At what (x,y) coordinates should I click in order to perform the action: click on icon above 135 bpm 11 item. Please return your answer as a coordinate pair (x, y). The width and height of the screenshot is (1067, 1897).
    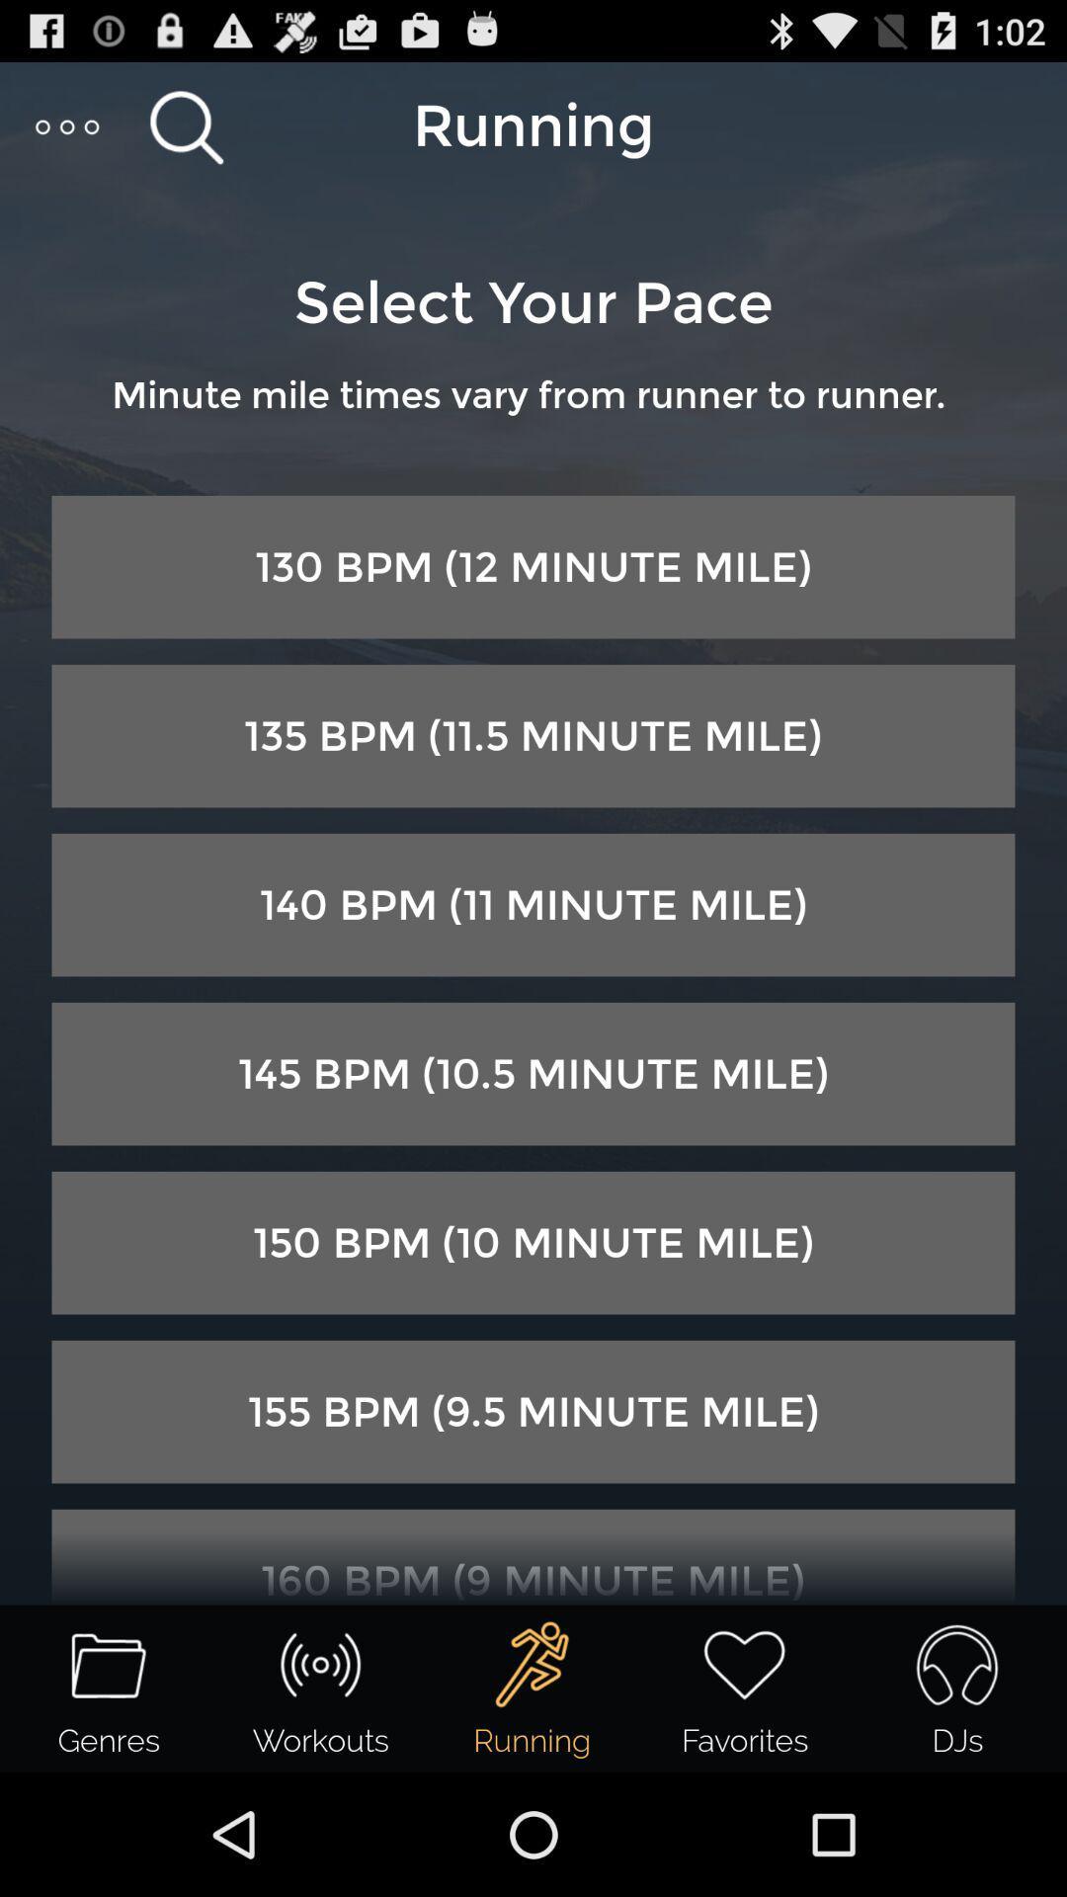
    Looking at the image, I should click on (533, 566).